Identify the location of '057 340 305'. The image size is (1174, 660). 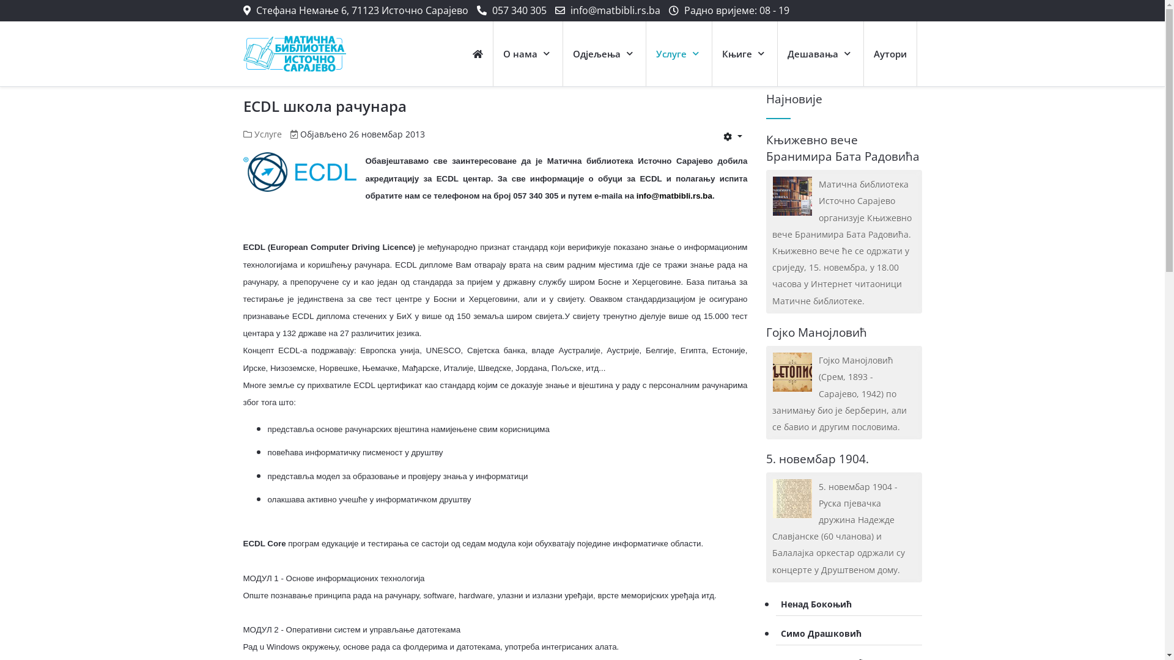
(519, 10).